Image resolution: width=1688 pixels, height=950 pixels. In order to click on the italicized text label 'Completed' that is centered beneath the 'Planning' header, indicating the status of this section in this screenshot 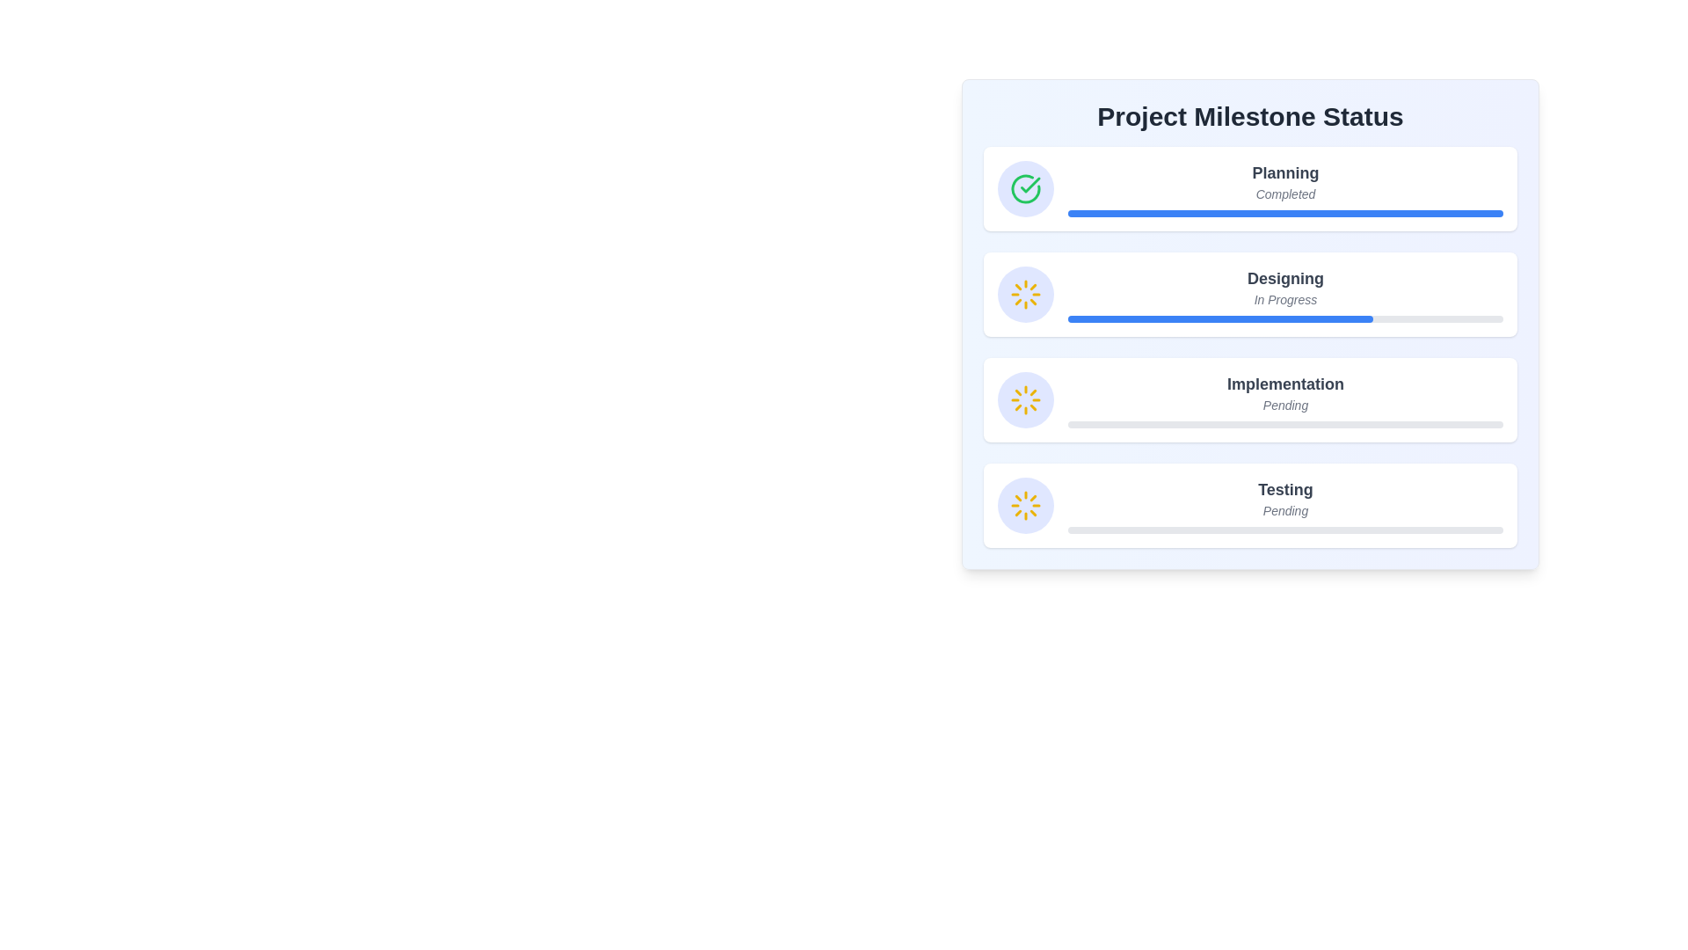, I will do `click(1285, 194)`.